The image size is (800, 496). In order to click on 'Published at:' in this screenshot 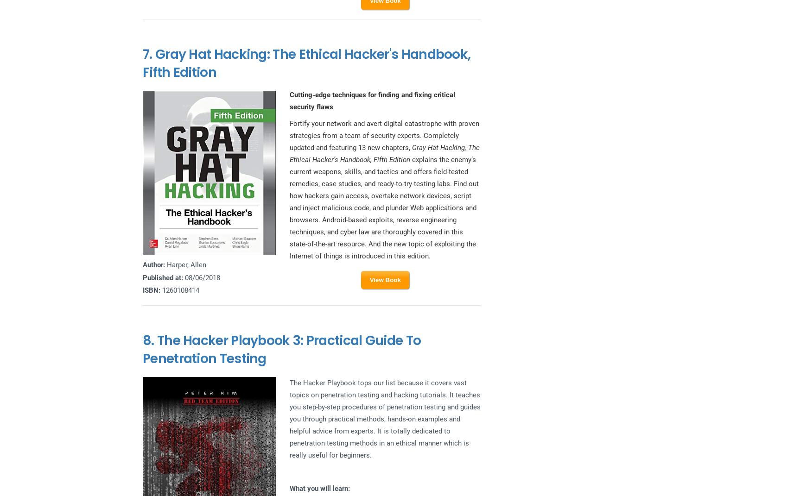, I will do `click(163, 277)`.